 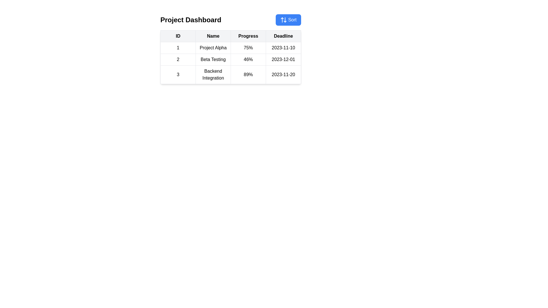 What do you see at coordinates (283, 48) in the screenshot?
I see `the static text displaying the deadline date for the project in the first row of the table, located in the 'Deadline' column, aligned with 'Project Alpha'` at bounding box center [283, 48].